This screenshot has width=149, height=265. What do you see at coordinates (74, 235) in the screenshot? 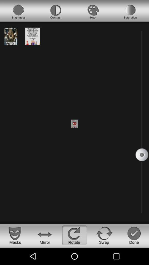
I see `the refresh icon` at bounding box center [74, 235].